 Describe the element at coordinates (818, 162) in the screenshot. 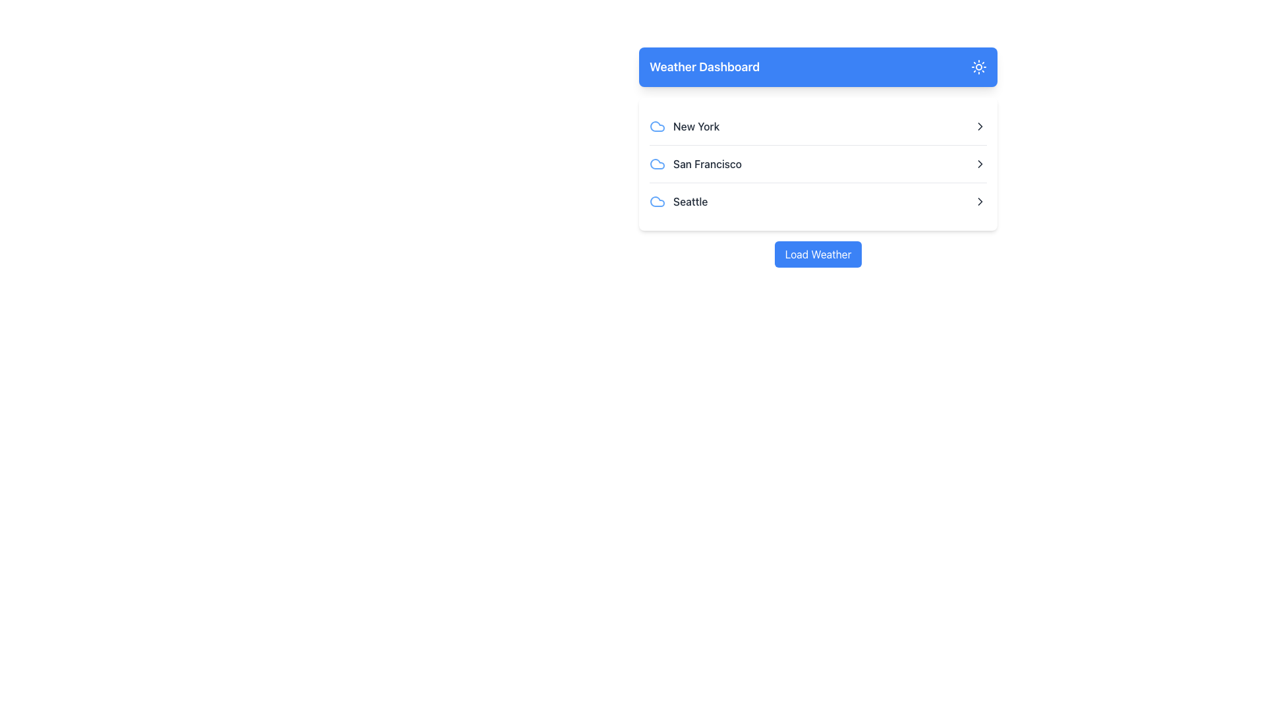

I see `the second list item representing 'San Francisco'` at that location.